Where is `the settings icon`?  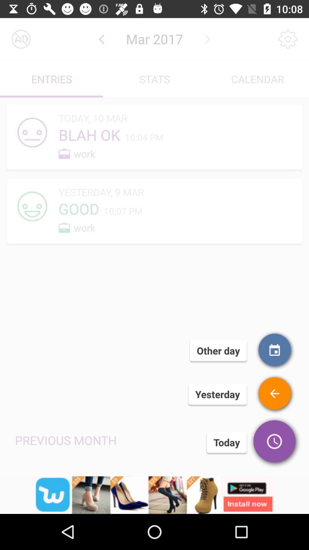
the settings icon is located at coordinates (288, 39).